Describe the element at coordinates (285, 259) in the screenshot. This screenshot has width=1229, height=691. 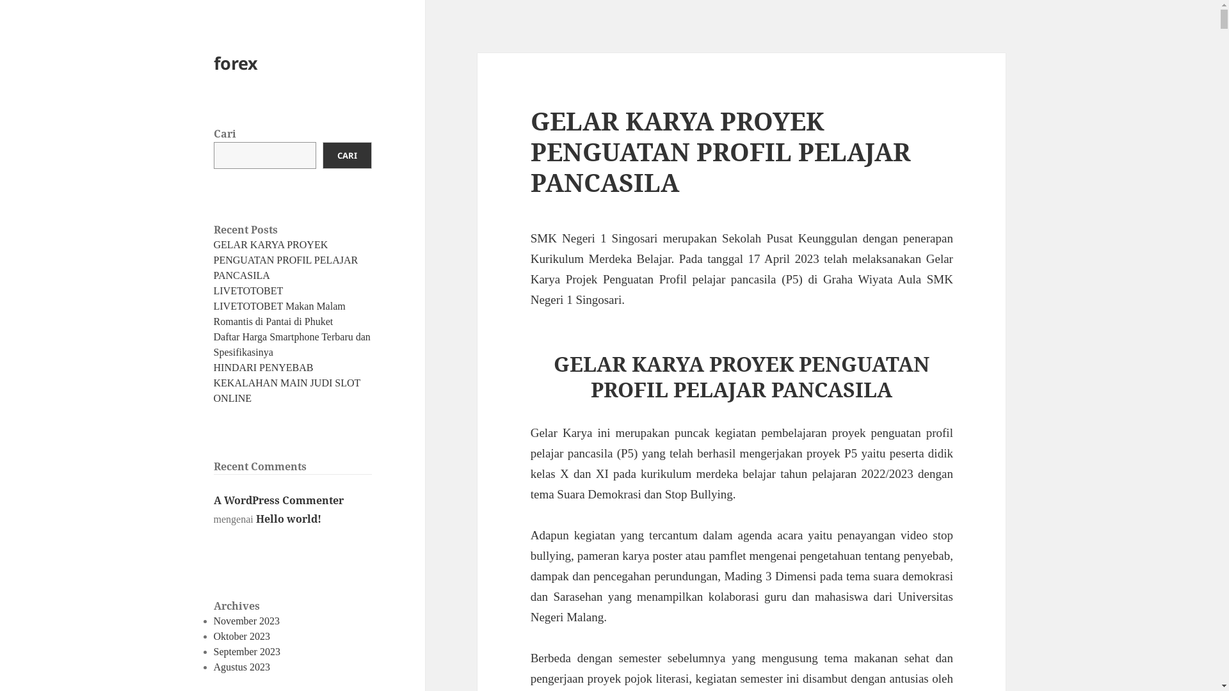
I see `'GELAR KARYA PROYEK PENGUATAN PROFIL PELAJAR PANCASILA'` at that location.